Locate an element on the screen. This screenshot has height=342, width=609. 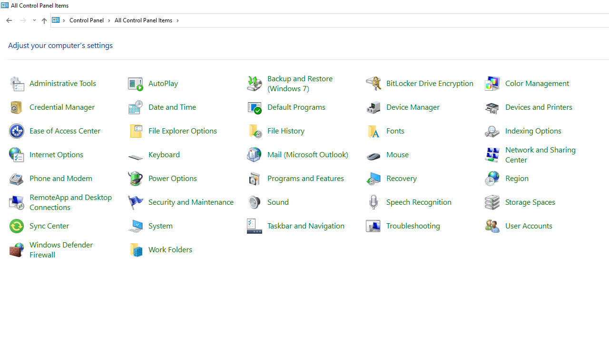
'Device Manager' is located at coordinates (413, 106).